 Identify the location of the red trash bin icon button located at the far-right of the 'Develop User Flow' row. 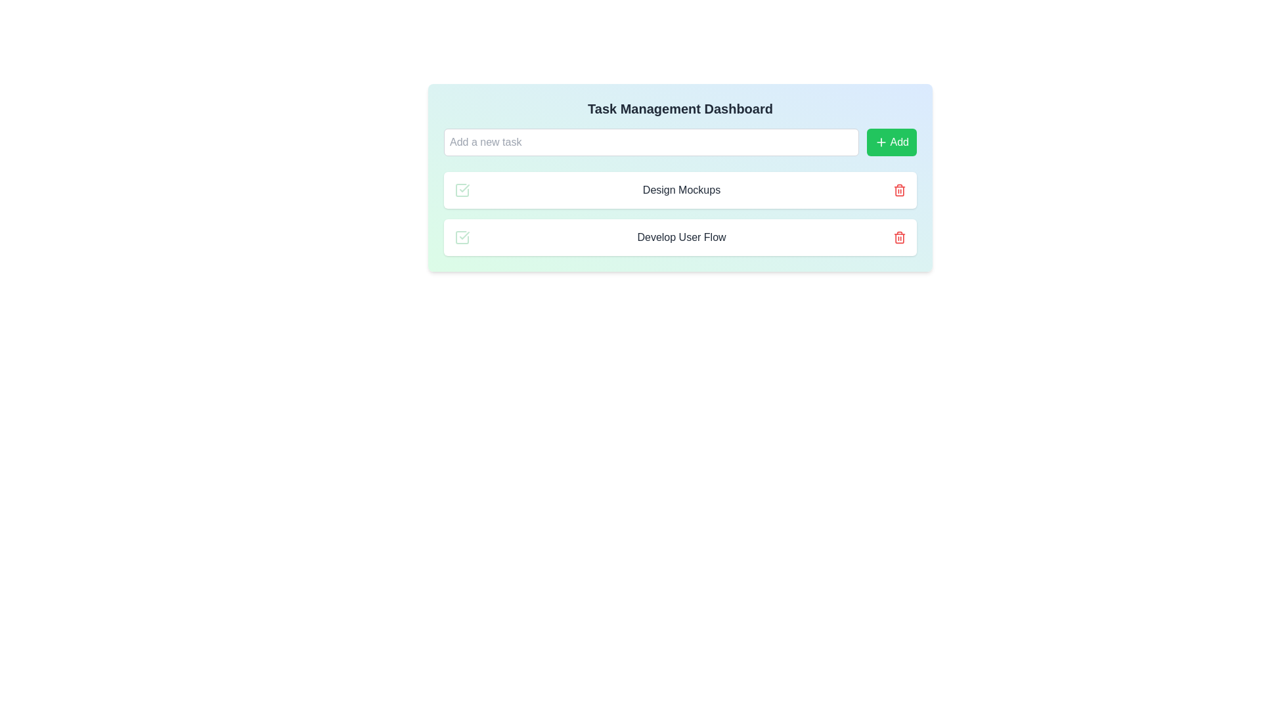
(898, 238).